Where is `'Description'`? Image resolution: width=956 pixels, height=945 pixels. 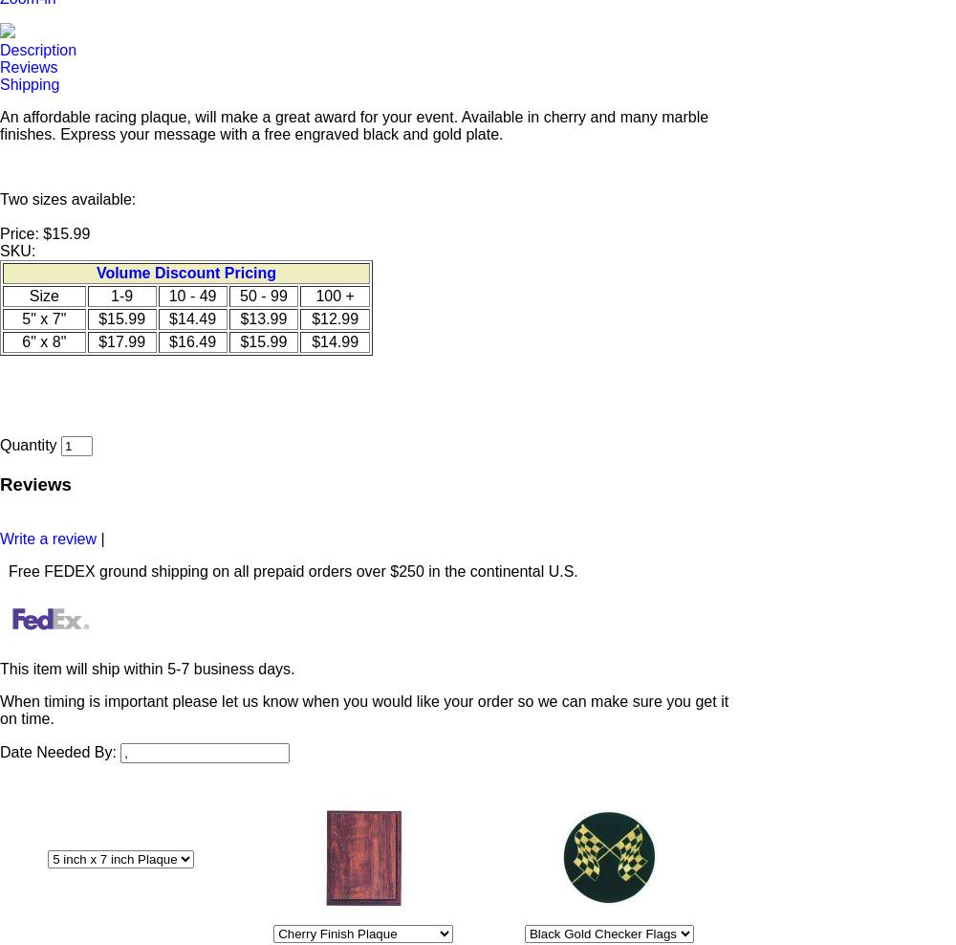 'Description' is located at coordinates (38, 49).